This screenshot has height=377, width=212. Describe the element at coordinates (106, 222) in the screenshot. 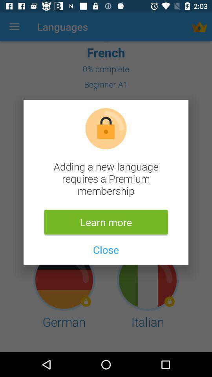

I see `the item above close icon` at that location.